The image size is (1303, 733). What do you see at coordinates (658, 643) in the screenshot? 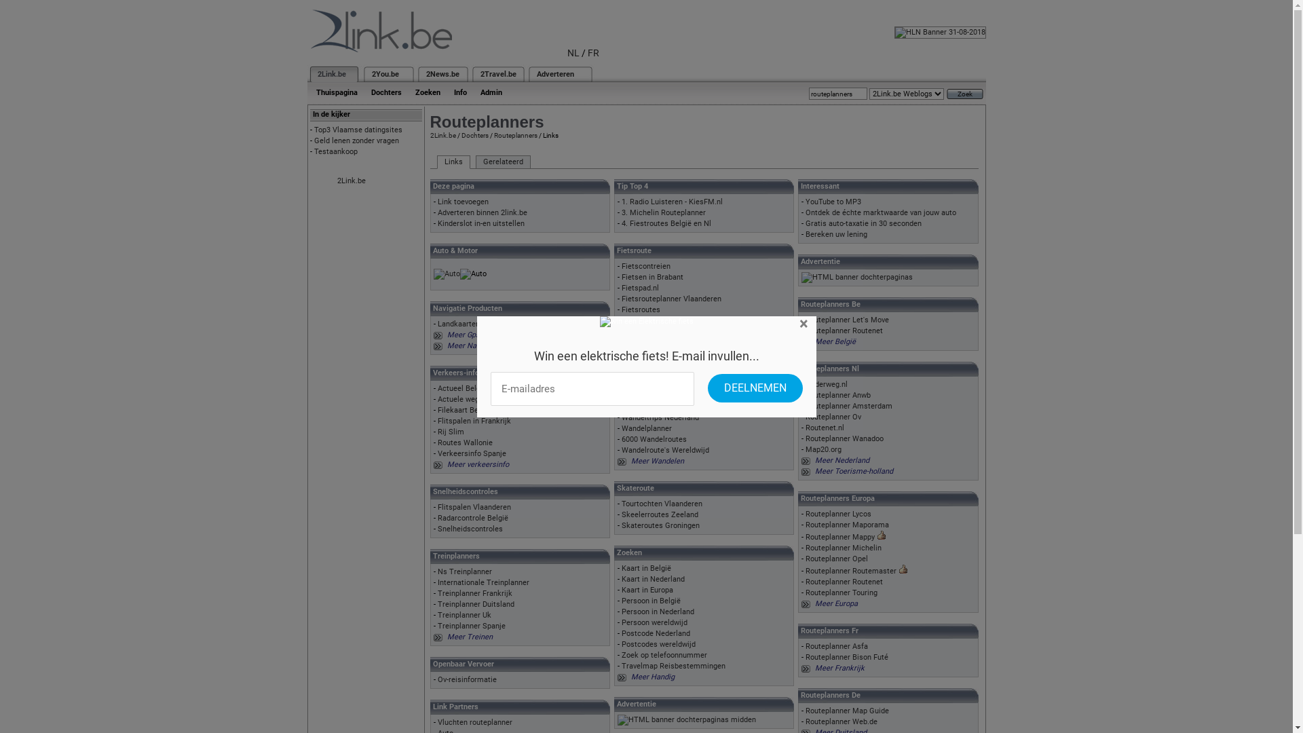
I see `'Postcodes wereldwijd'` at bounding box center [658, 643].